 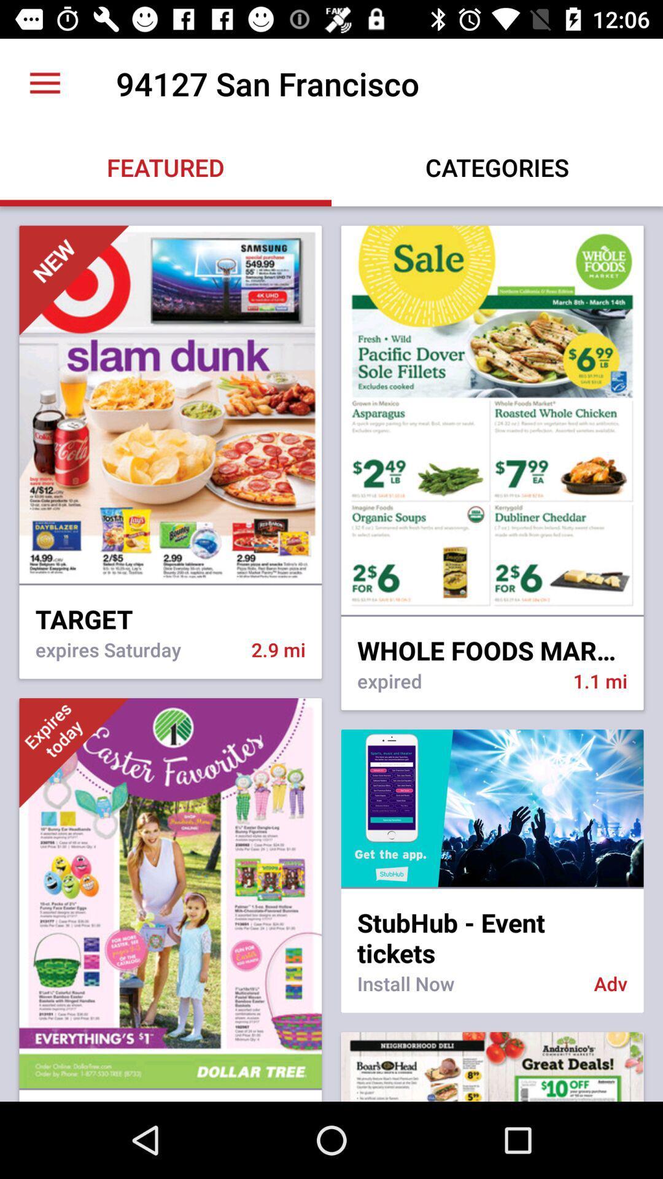 I want to click on the third thumbnail, so click(x=74, y=752).